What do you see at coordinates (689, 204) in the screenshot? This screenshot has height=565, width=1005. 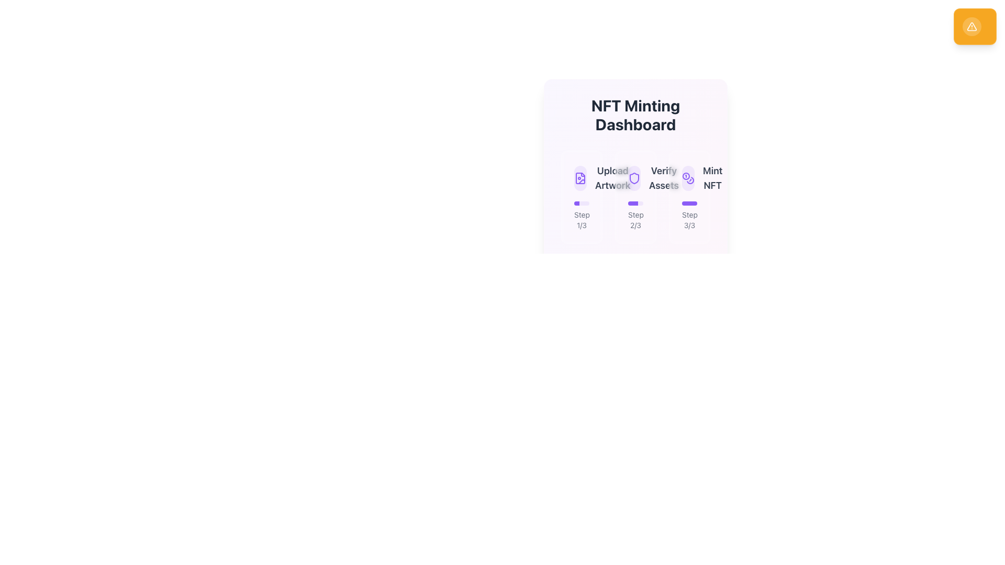 I see `the filled section of the progress bar indicating completion for 'Step 3/3 Mint NFT' in the NFT Minting Dashboard` at bounding box center [689, 204].